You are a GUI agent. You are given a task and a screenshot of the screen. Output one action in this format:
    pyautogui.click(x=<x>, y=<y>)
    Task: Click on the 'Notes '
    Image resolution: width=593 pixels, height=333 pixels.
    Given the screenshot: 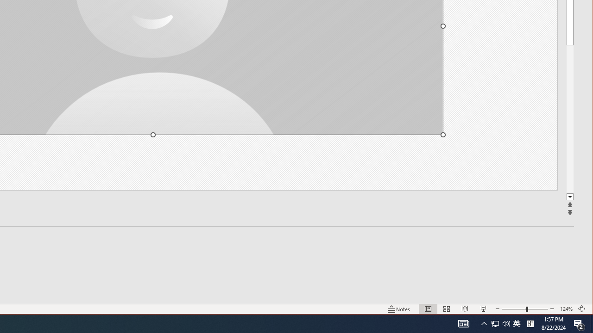 What is the action you would take?
    pyautogui.click(x=399, y=309)
    